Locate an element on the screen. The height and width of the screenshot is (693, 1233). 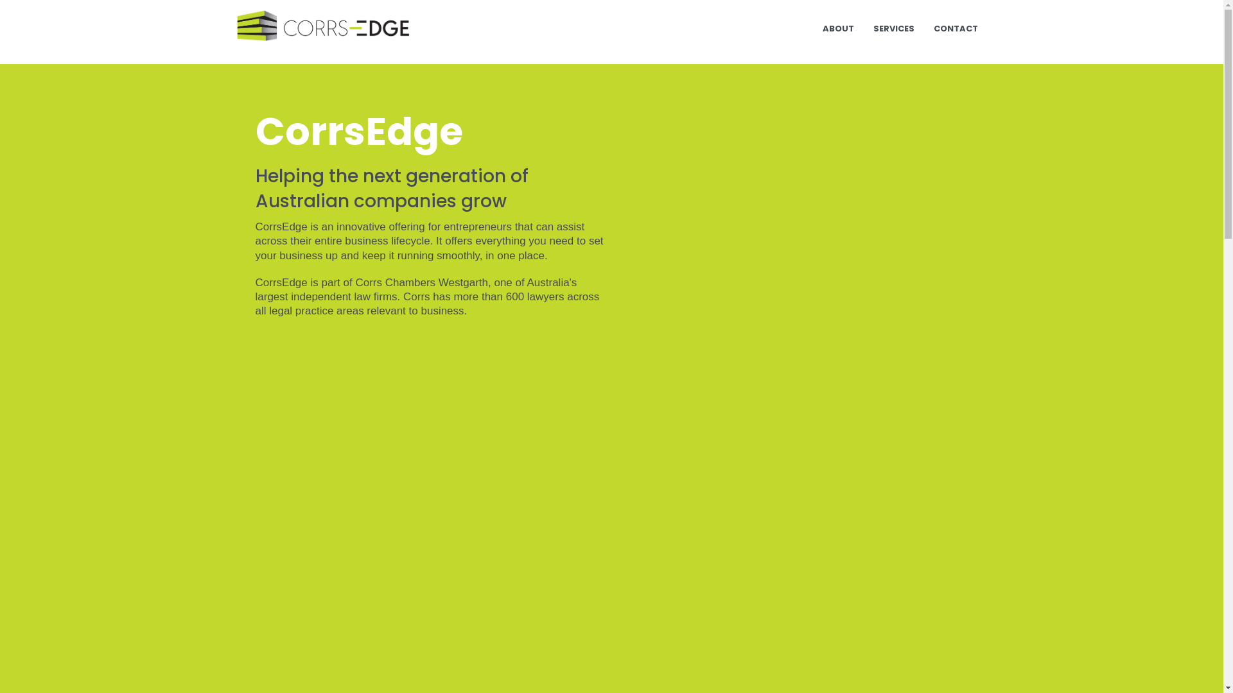
'SERVICES' is located at coordinates (893, 29).